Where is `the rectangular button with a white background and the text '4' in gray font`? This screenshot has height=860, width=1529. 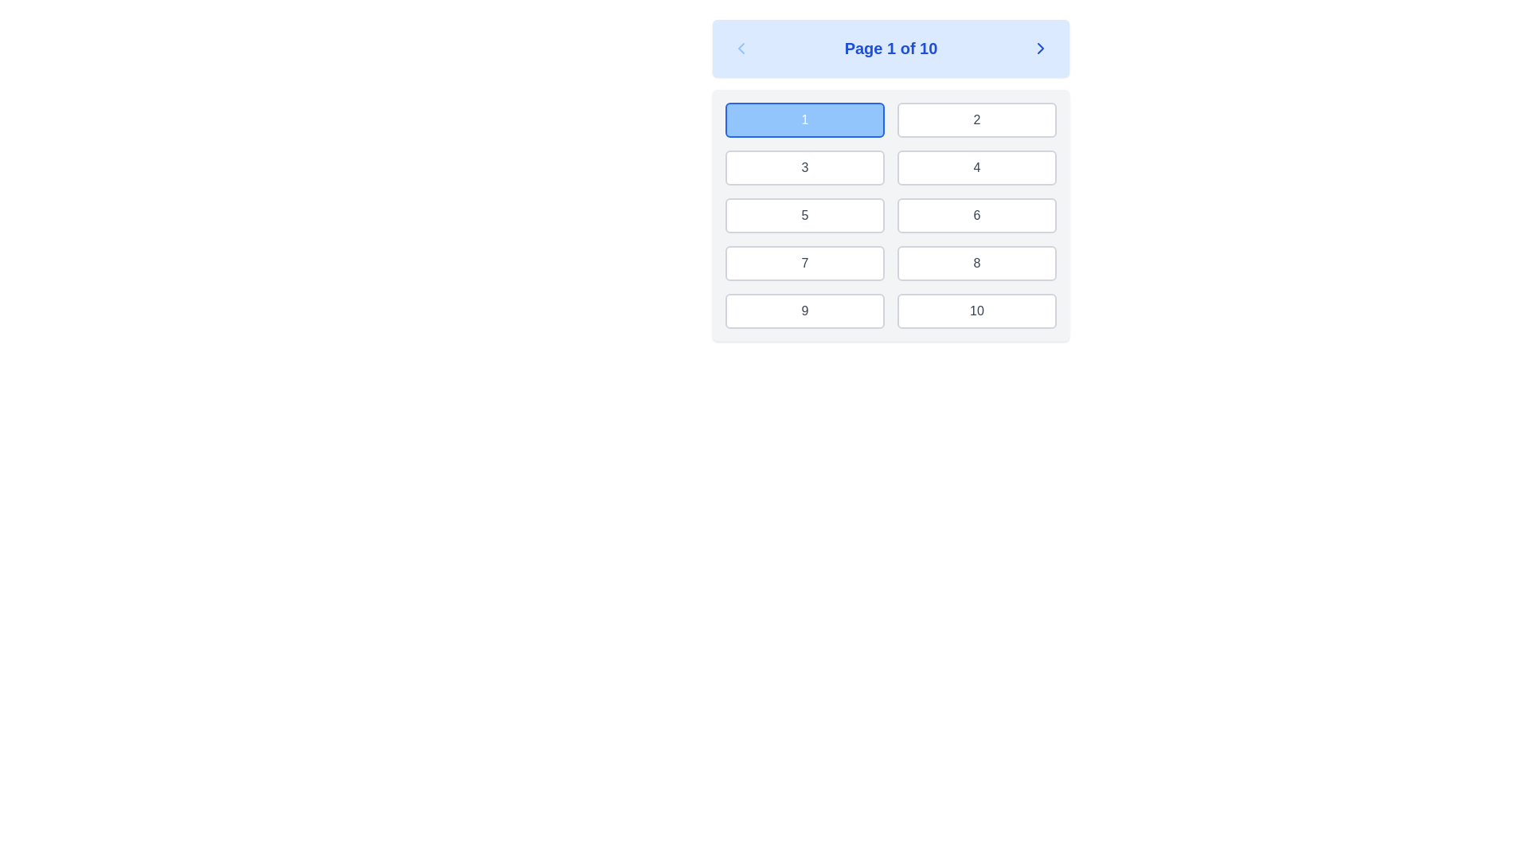
the rectangular button with a white background and the text '4' in gray font is located at coordinates (976, 168).